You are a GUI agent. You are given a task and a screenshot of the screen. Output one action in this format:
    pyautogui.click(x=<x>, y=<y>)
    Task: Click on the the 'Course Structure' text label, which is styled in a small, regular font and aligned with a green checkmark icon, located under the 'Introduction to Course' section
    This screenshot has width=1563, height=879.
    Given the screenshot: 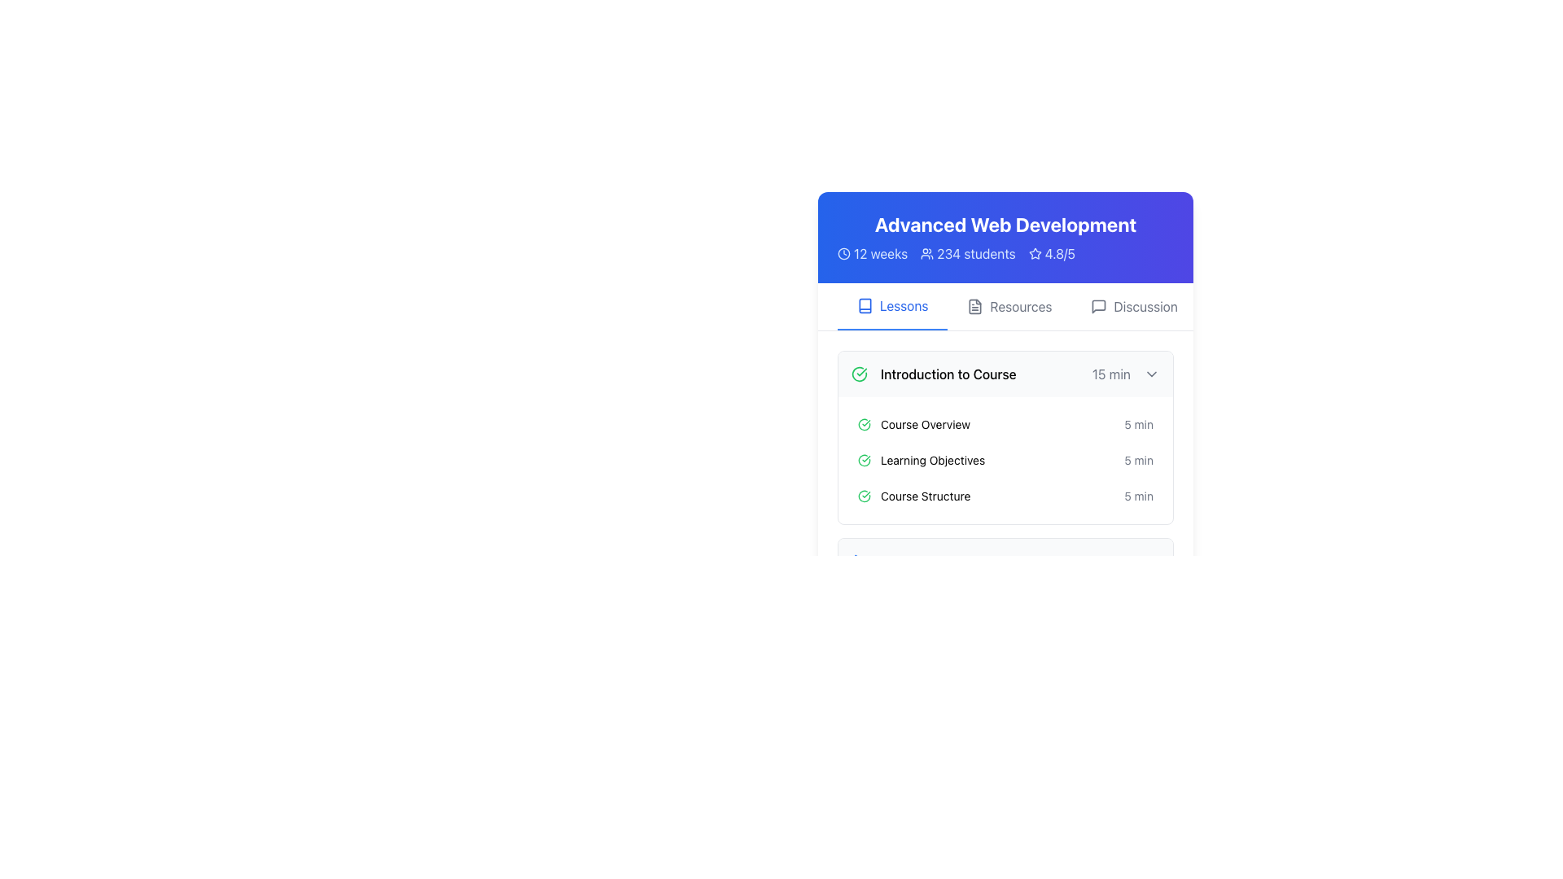 What is the action you would take?
    pyautogui.click(x=926, y=495)
    